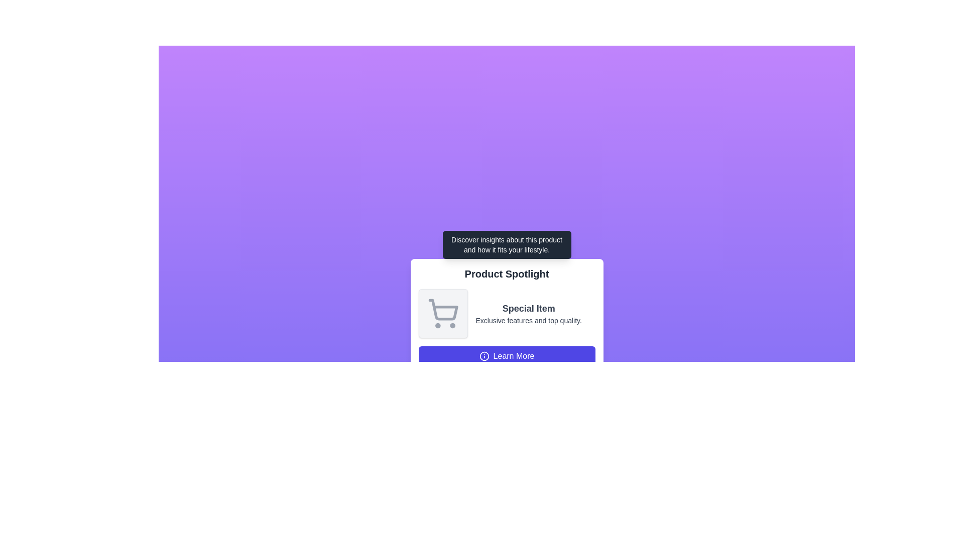  Describe the element at coordinates (484, 355) in the screenshot. I see `the informational icon located near the left edge of the 'Learn More' button at the bottom of the card layout` at that location.